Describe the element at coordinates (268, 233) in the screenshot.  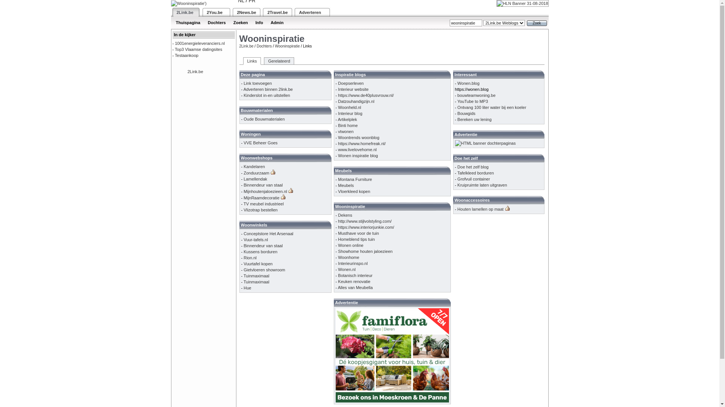
I see `'Conceptstore Het Arsenaal'` at that location.